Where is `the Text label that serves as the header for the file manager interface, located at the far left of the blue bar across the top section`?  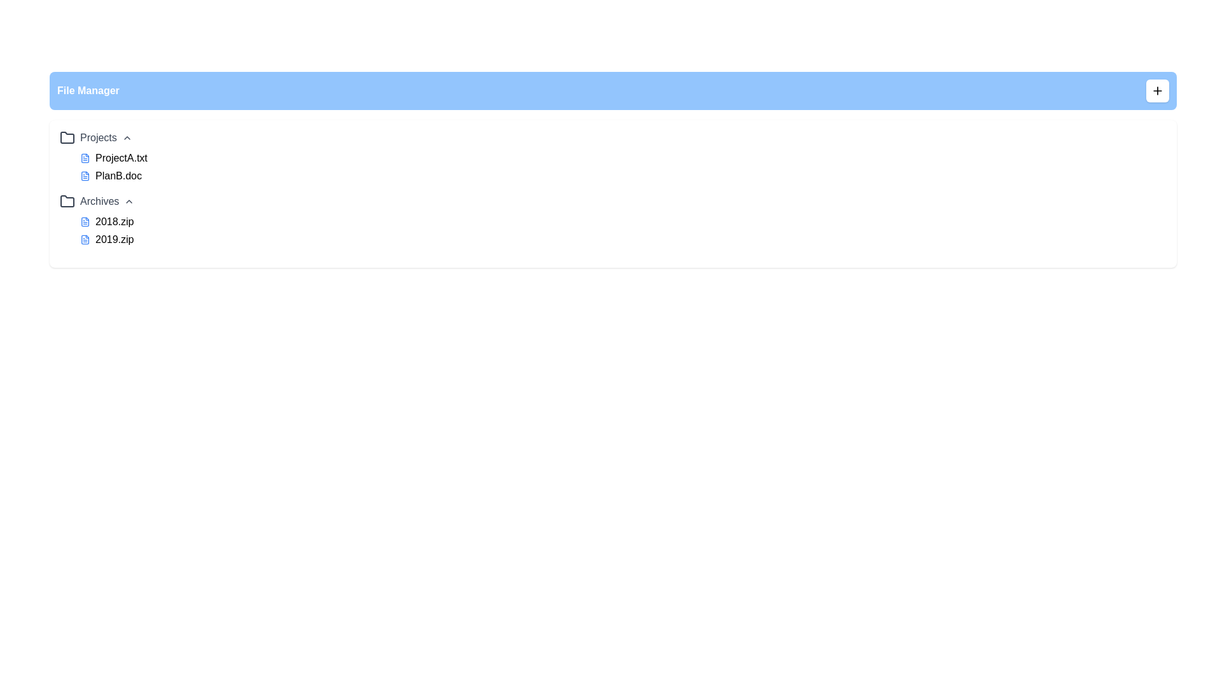 the Text label that serves as the header for the file manager interface, located at the far left of the blue bar across the top section is located at coordinates (87, 90).